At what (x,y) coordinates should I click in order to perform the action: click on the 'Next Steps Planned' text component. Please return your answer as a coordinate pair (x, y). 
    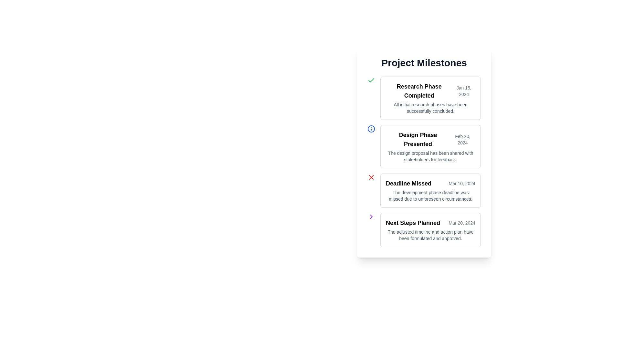
    Looking at the image, I should click on (430, 223).